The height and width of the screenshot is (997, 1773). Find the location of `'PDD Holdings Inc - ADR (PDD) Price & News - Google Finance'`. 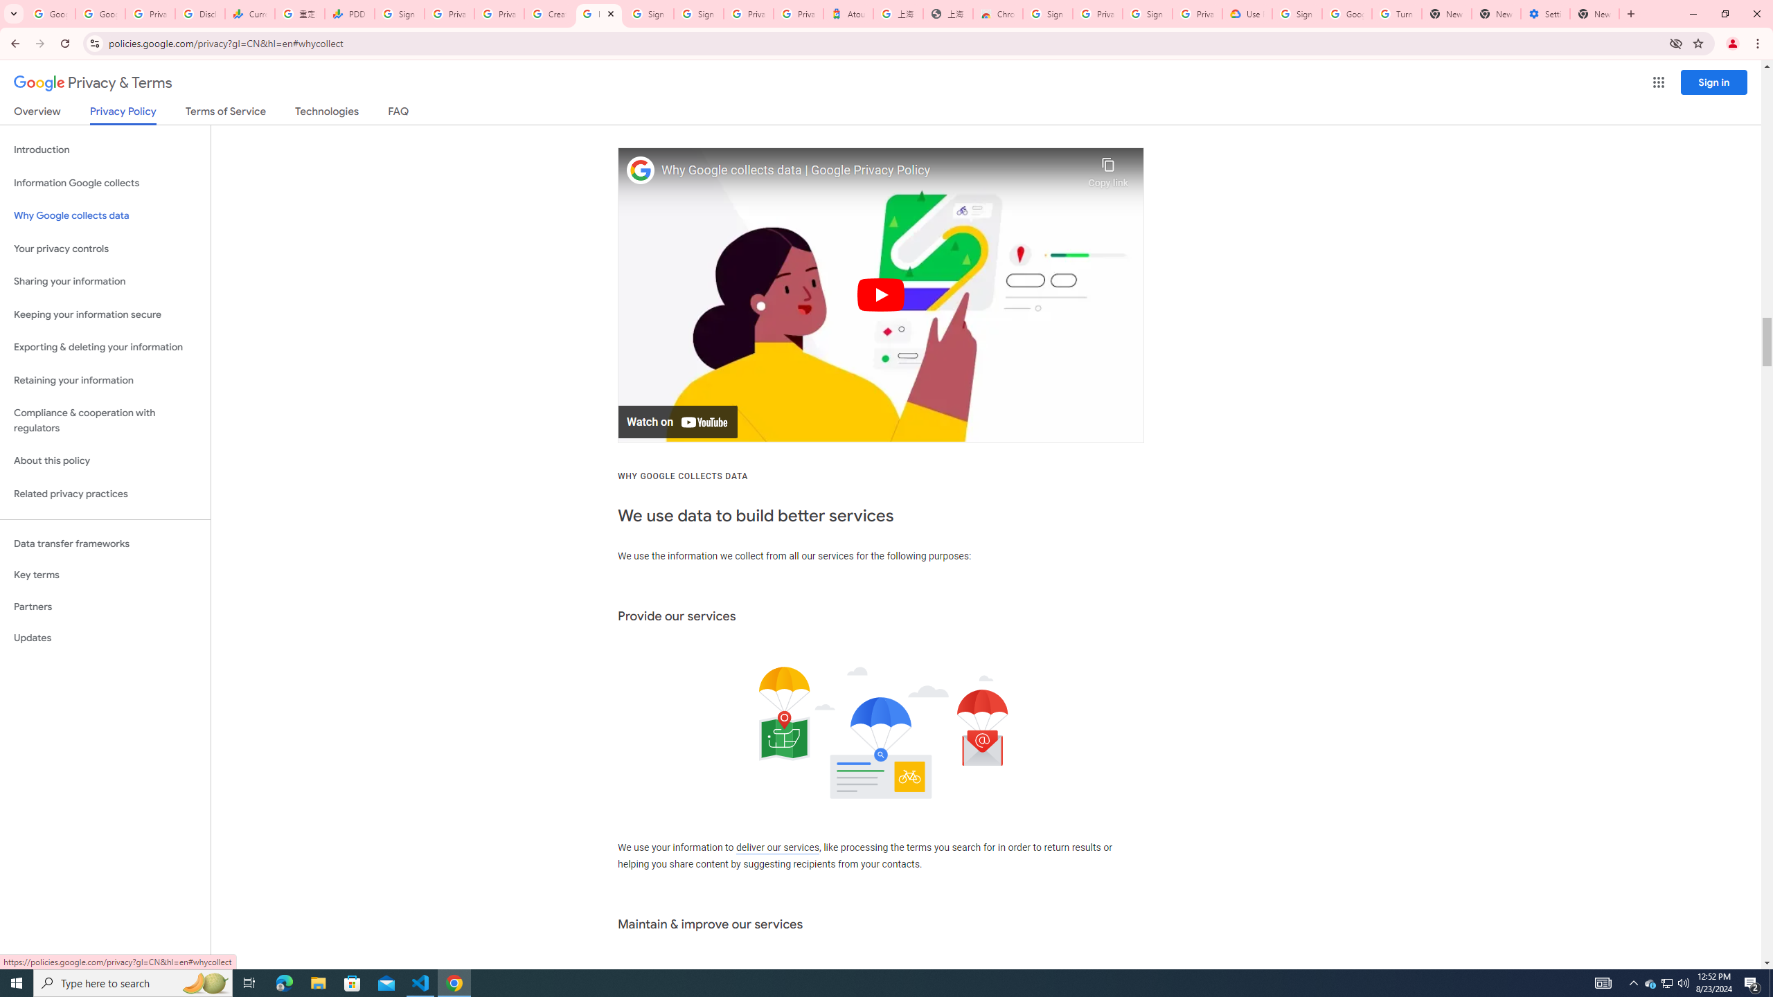

'PDD Holdings Inc - ADR (PDD) Price & News - Google Finance' is located at coordinates (350, 13).